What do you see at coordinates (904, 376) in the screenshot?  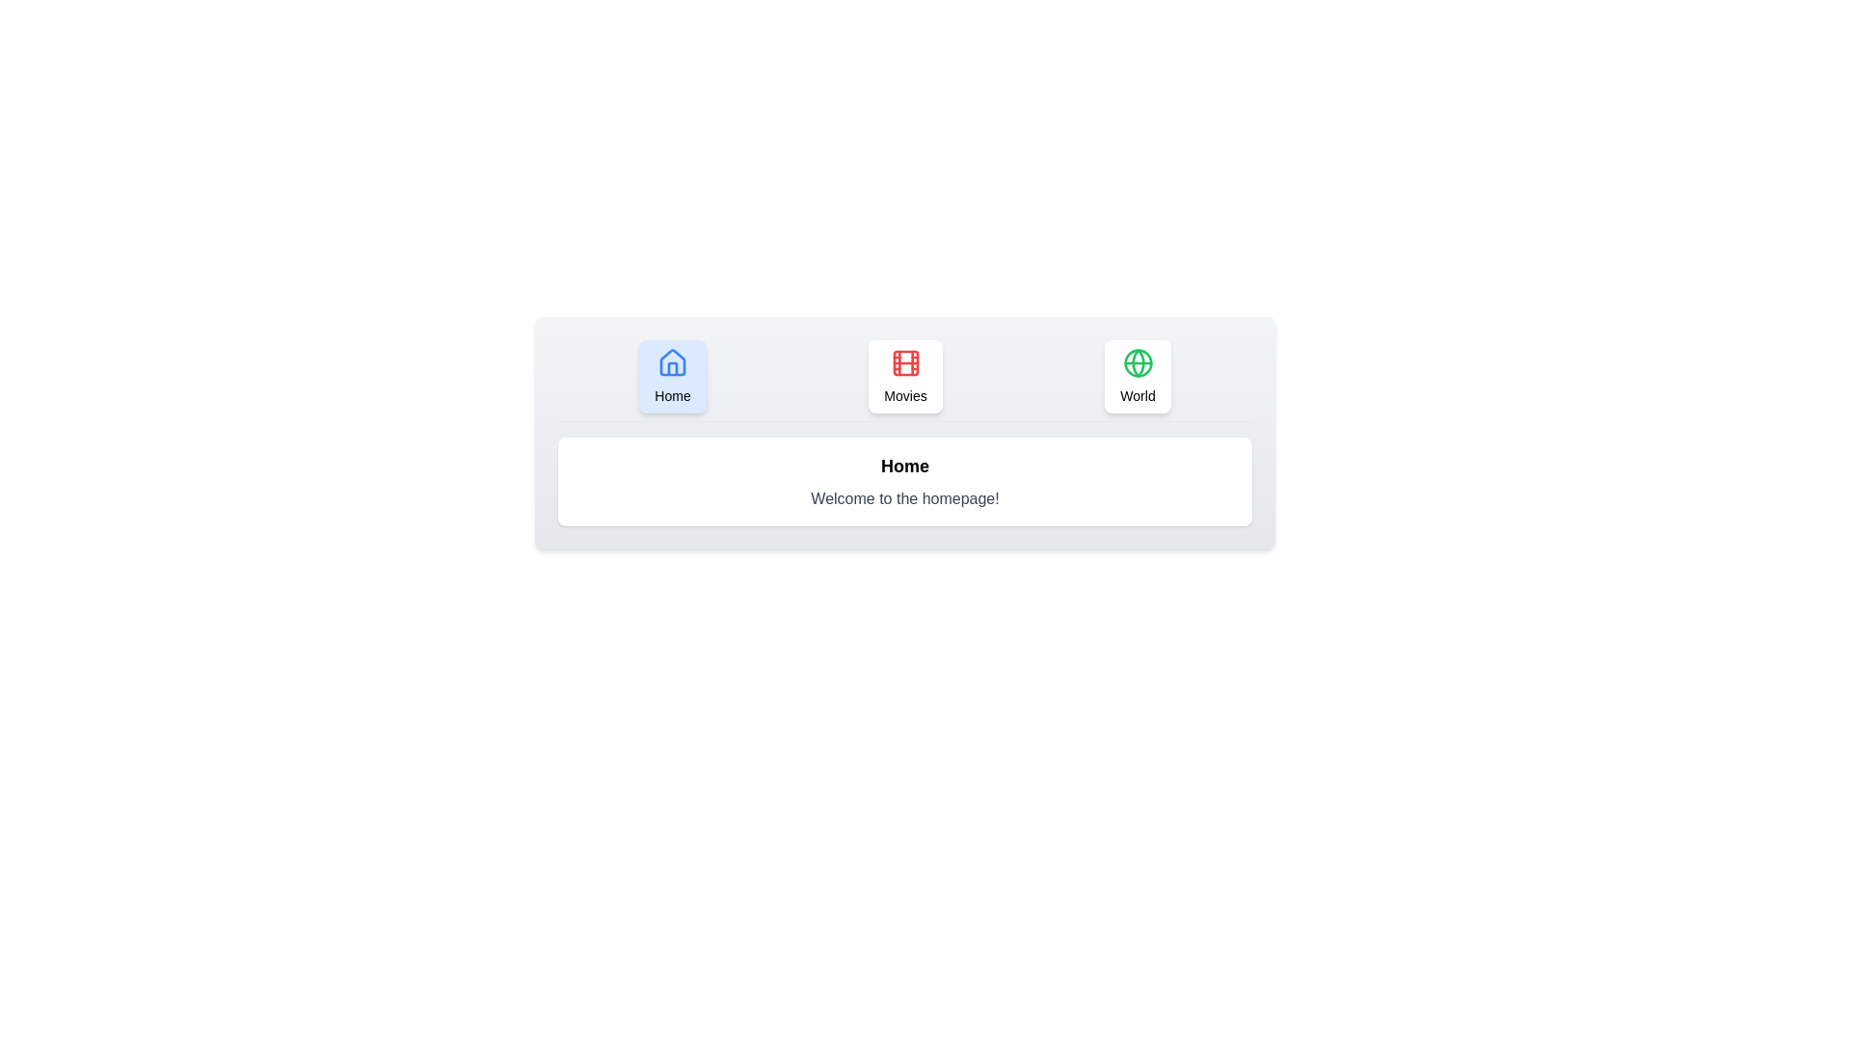 I see `the Movies tab to observe its hover effect` at bounding box center [904, 376].